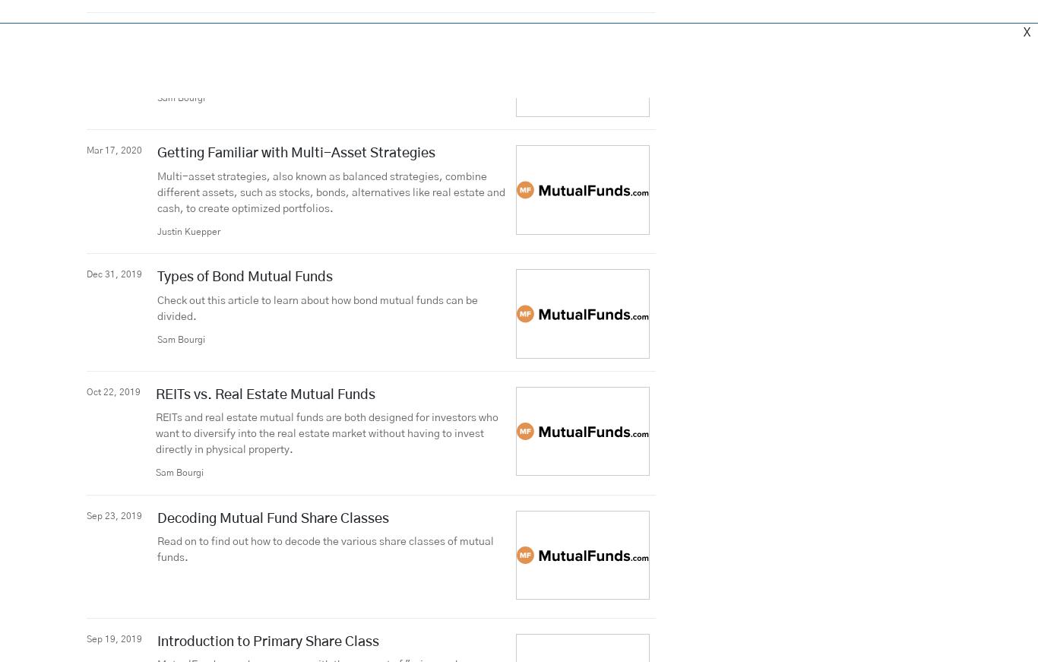 The height and width of the screenshot is (662, 1038). What do you see at coordinates (326, 434) in the screenshot?
I see `'REITs and real estate mutual funds are both designed for investors who want to diversify into the real estate market without having to invest directly in physical property.'` at bounding box center [326, 434].